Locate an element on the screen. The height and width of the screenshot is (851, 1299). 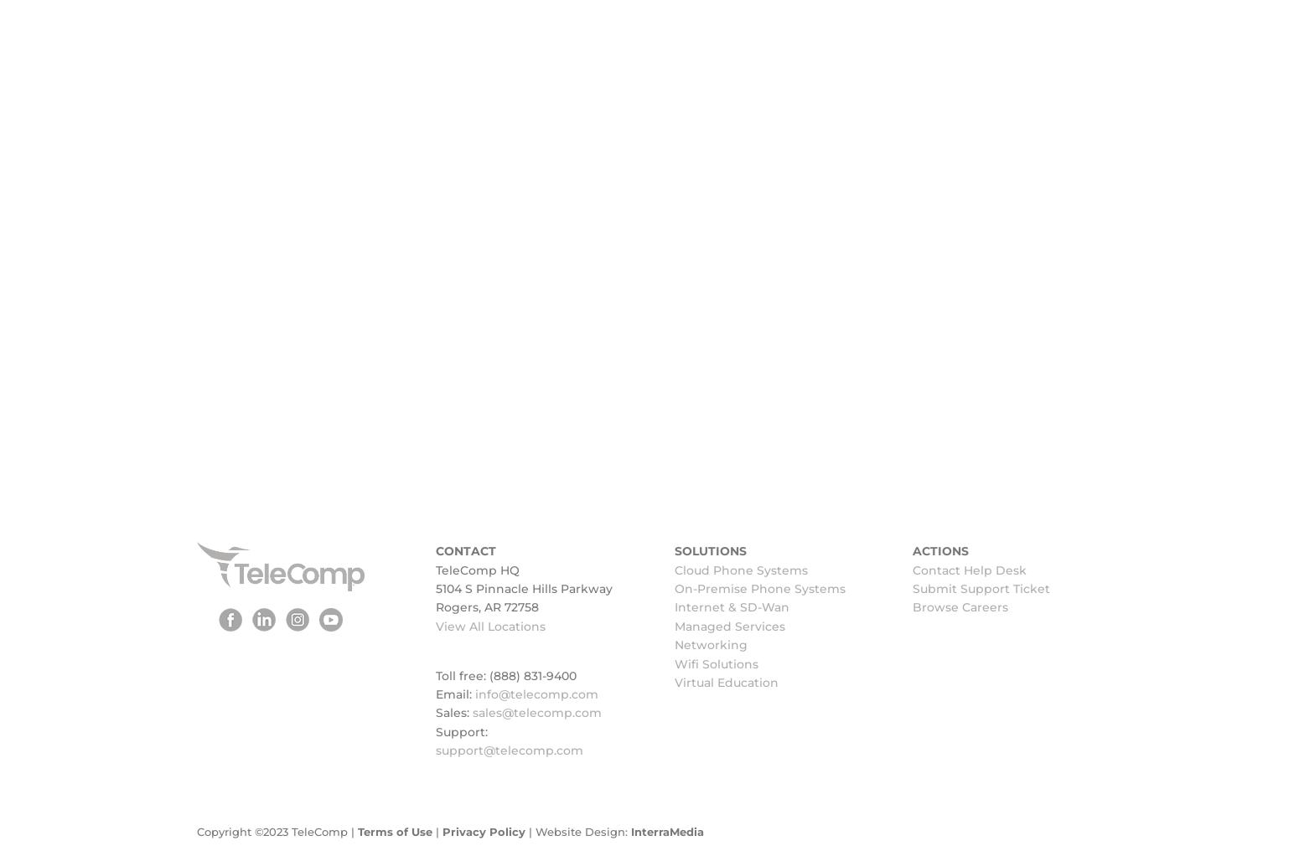
'|' is located at coordinates (437, 831).